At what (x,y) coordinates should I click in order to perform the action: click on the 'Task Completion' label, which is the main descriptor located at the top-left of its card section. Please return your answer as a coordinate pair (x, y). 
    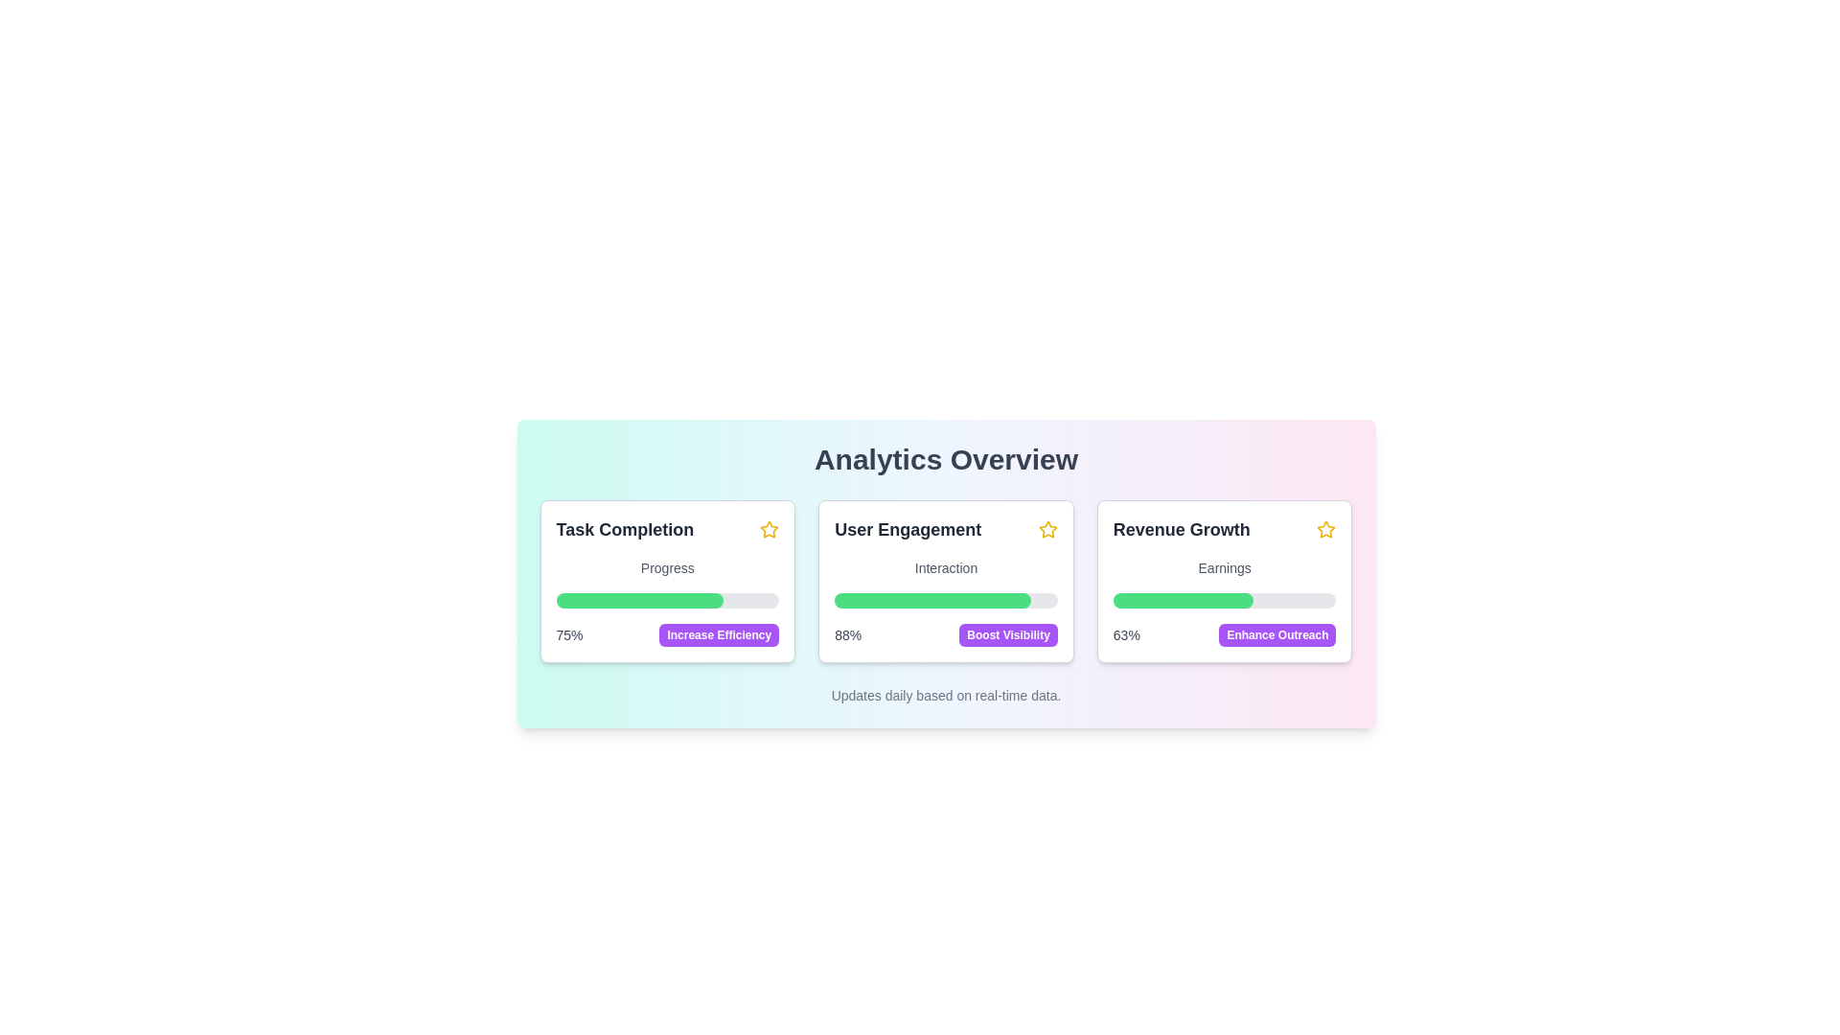
    Looking at the image, I should click on (667, 529).